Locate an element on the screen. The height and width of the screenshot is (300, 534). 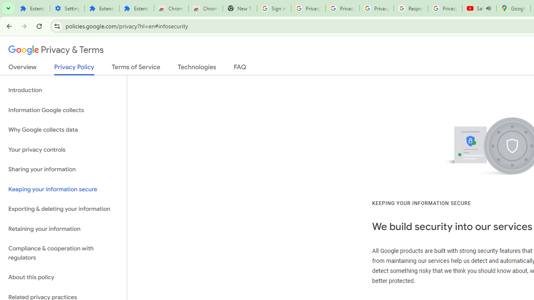
'About this policy' is located at coordinates (63, 277).